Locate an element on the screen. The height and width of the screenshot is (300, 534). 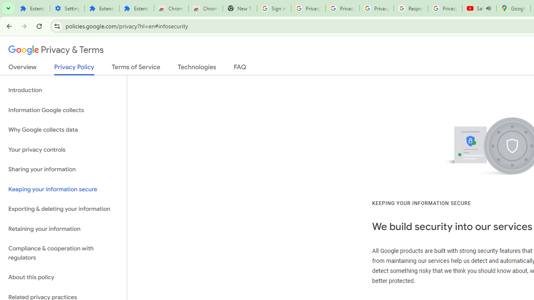
'About this policy' is located at coordinates (63, 277).